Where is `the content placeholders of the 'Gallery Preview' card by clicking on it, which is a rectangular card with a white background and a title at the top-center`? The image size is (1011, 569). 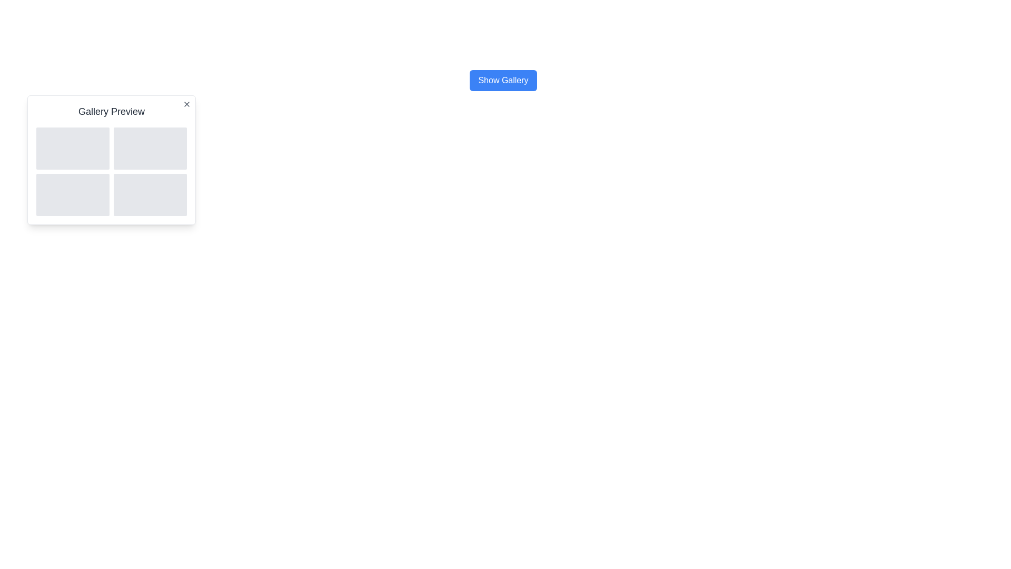
the content placeholders of the 'Gallery Preview' card by clicking on it, which is a rectangular card with a white background and a title at the top-center is located at coordinates (111, 160).